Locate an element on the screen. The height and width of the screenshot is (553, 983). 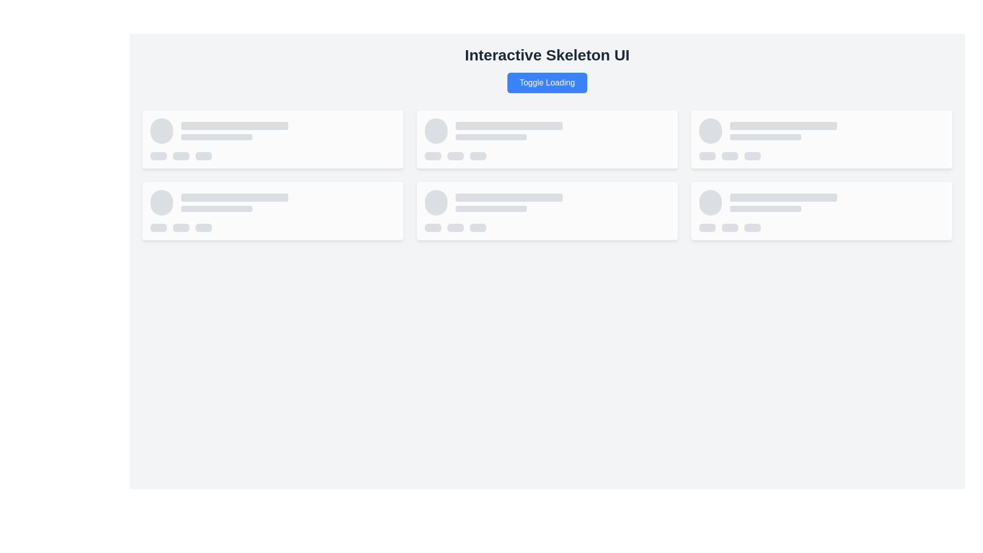
the visual placeholder loading indicator, which is a rounded horizontal bar located in the upper-right card of the grid layout is located at coordinates (783, 125).